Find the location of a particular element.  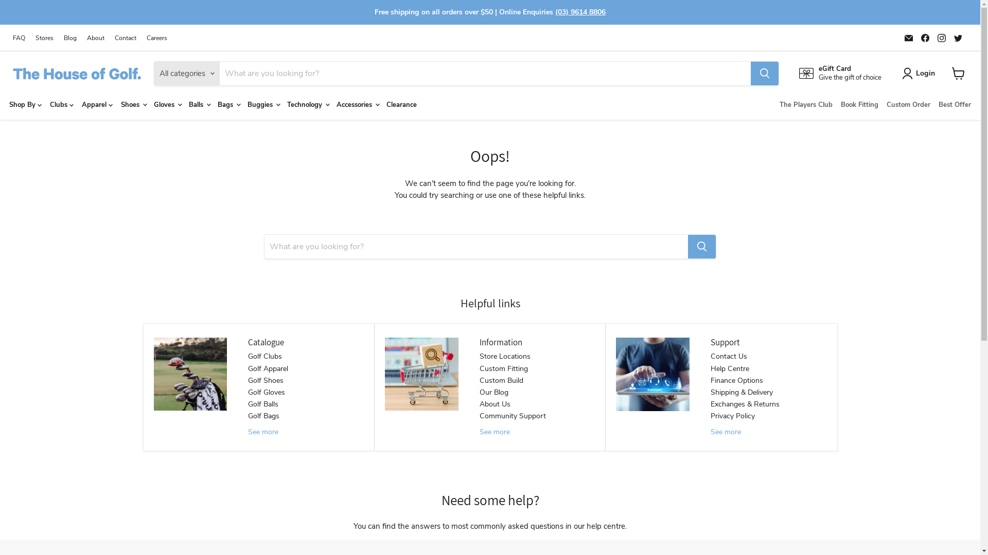

'Best Offer' is located at coordinates (934, 105).